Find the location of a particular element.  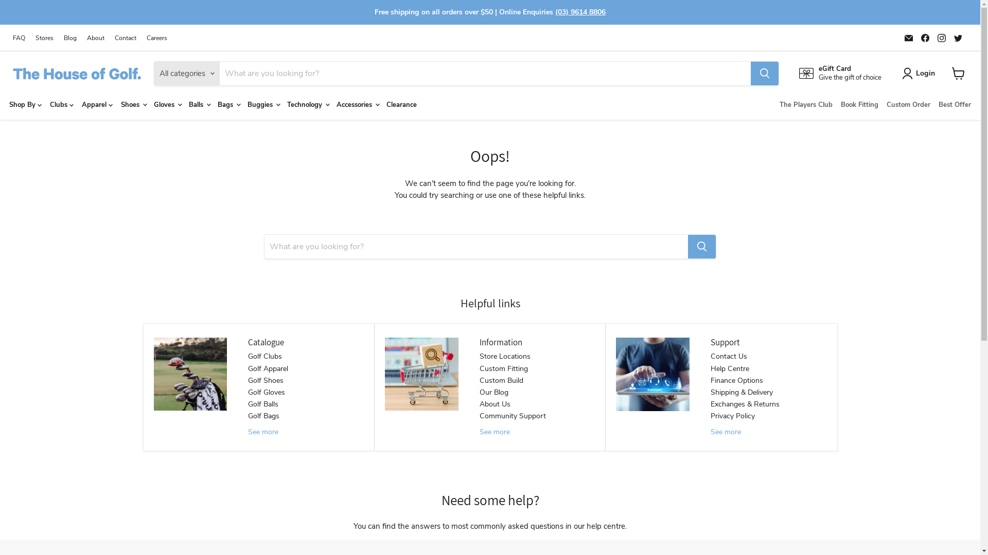

'Best Offer' is located at coordinates (934, 105).